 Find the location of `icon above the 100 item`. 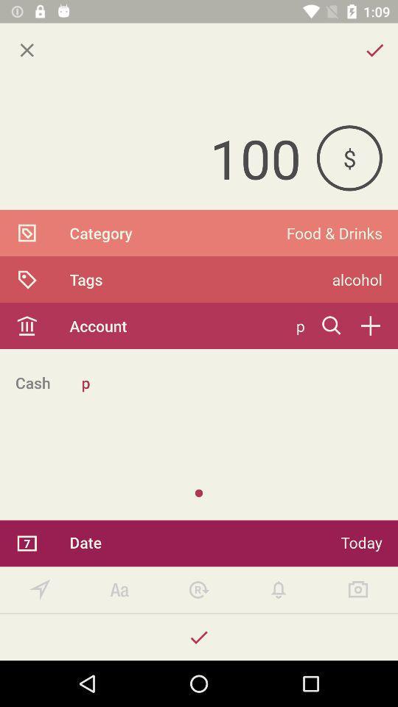

icon above the 100 item is located at coordinates (27, 50).